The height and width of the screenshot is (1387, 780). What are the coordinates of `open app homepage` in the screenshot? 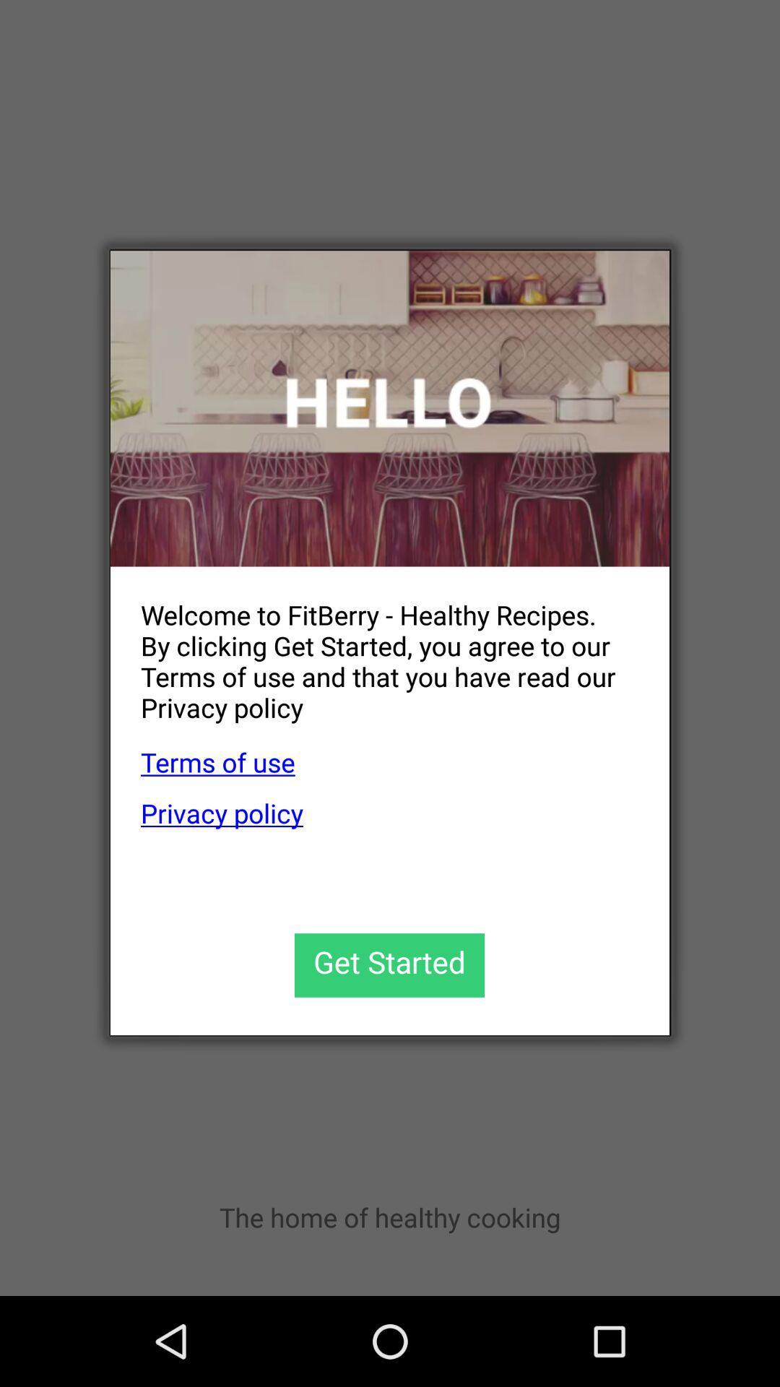 It's located at (390, 407).